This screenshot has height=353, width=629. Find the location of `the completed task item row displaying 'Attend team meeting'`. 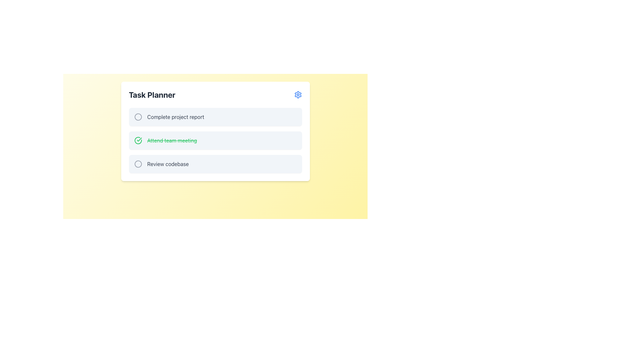

the completed task item row displaying 'Attend team meeting' is located at coordinates (215, 140).